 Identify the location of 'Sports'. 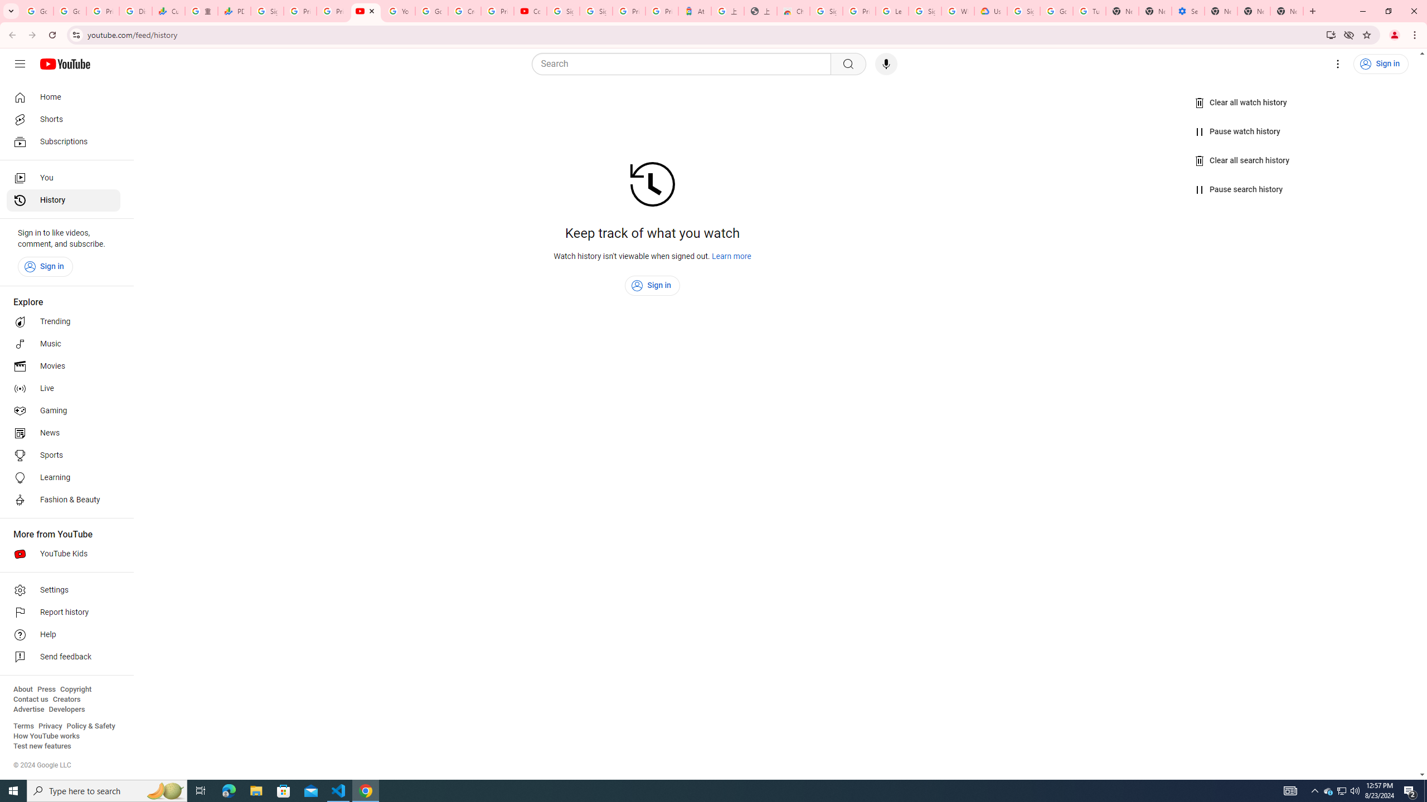
(63, 454).